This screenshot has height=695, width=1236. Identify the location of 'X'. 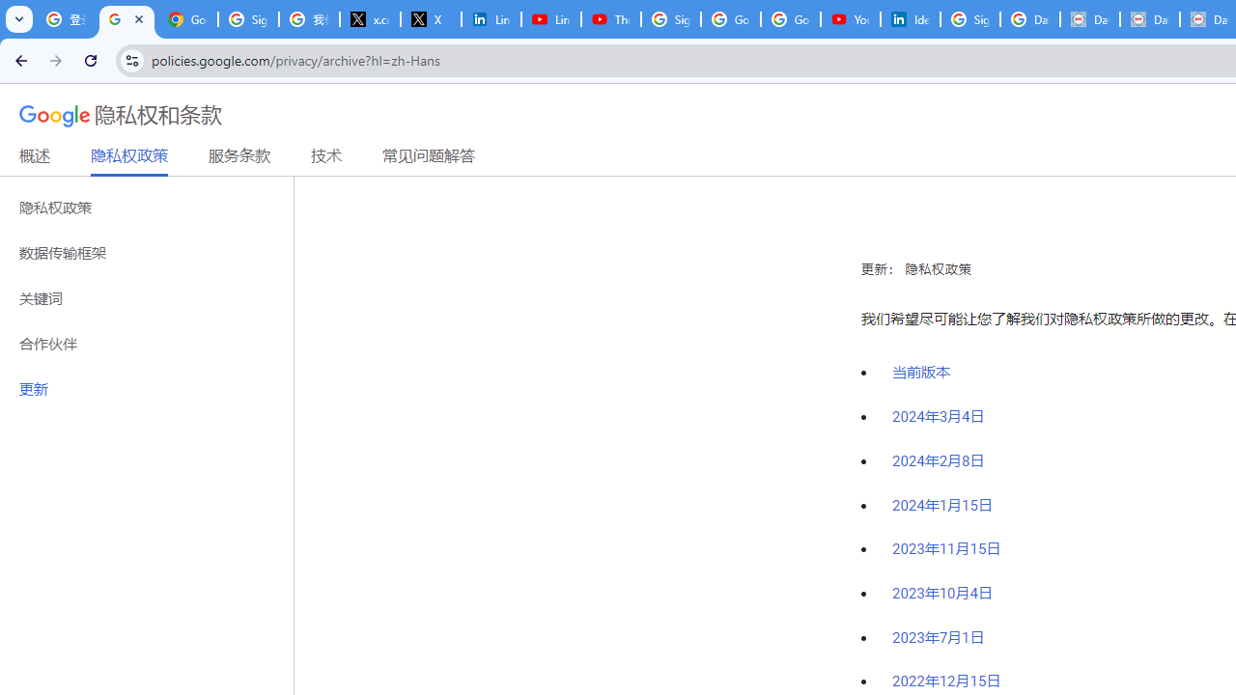
(430, 19).